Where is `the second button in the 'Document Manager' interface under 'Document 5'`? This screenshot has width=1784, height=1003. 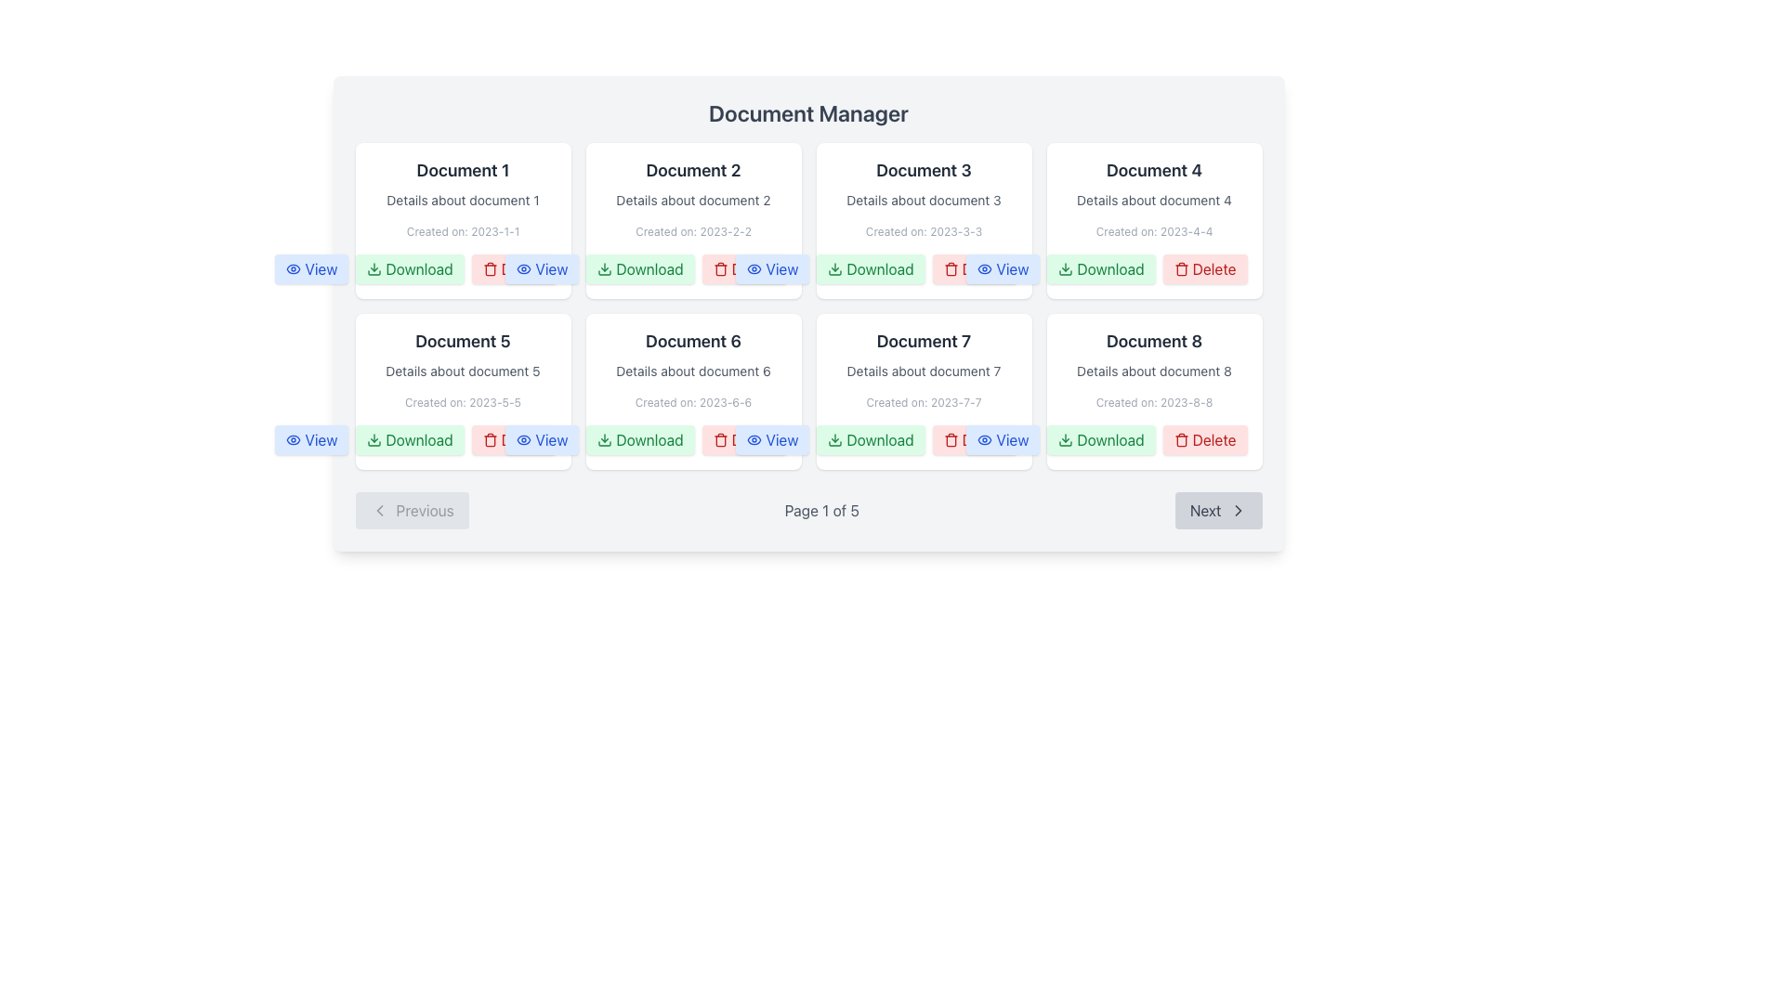 the second button in the 'Document Manager' interface under 'Document 5' is located at coordinates (409, 440).